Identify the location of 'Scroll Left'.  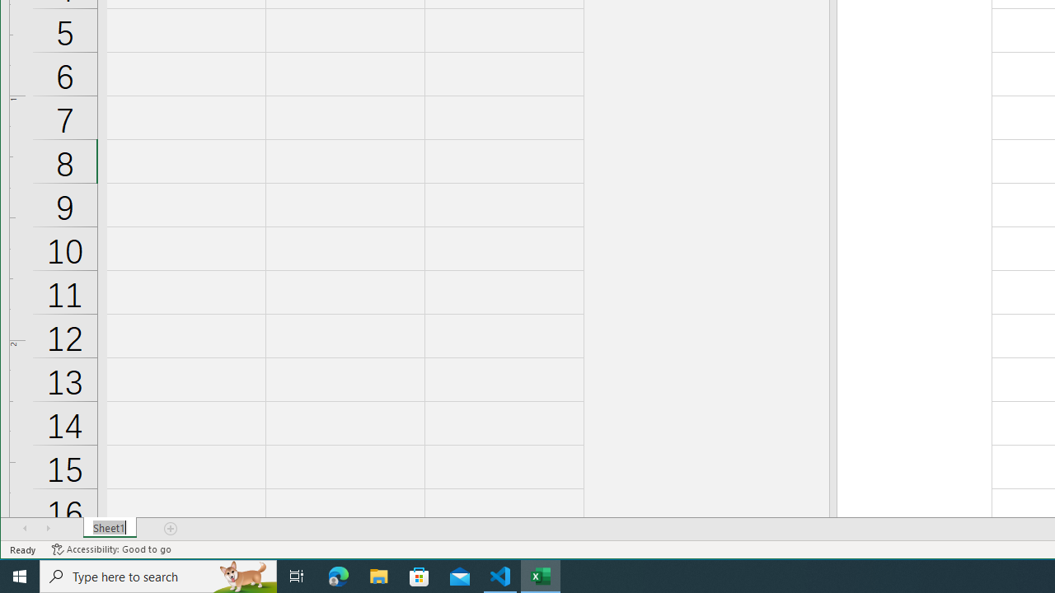
(25, 528).